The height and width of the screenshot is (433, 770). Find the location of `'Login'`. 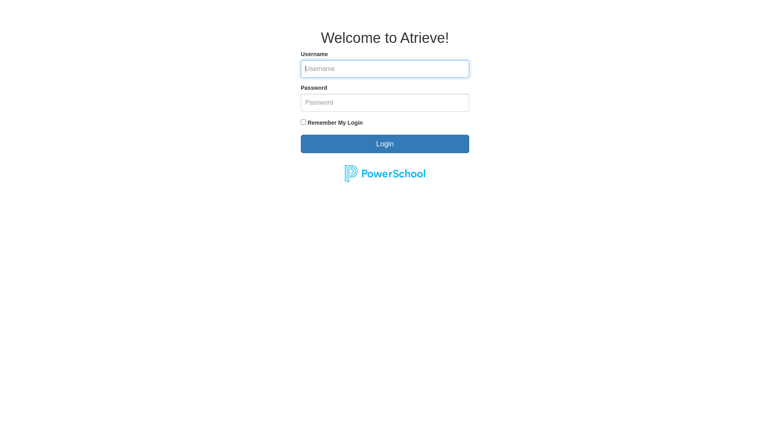

'Login' is located at coordinates (385, 143).